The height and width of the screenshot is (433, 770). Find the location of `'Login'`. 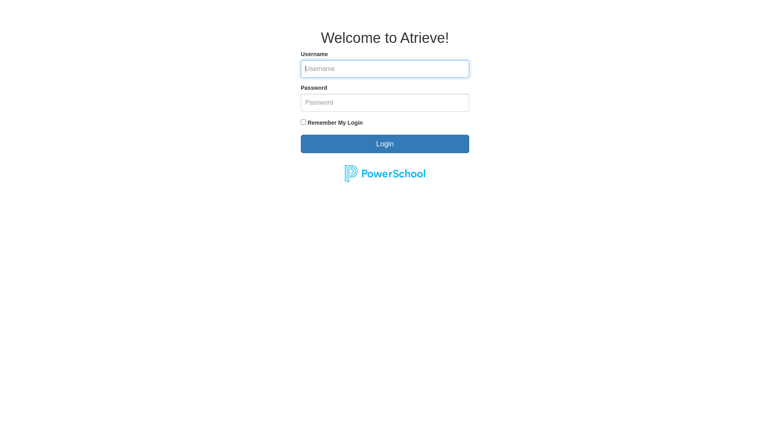

'Login' is located at coordinates (385, 143).